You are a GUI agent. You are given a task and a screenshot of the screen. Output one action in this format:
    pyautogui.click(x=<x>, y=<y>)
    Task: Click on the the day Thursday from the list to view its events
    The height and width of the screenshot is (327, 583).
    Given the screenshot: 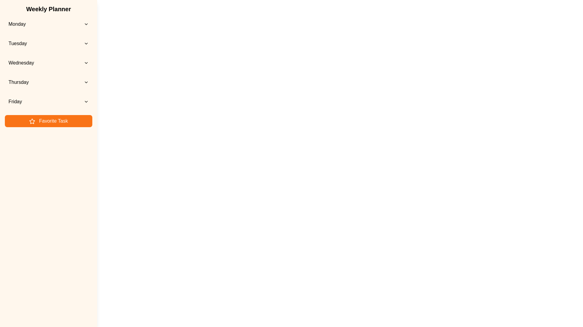 What is the action you would take?
    pyautogui.click(x=48, y=82)
    